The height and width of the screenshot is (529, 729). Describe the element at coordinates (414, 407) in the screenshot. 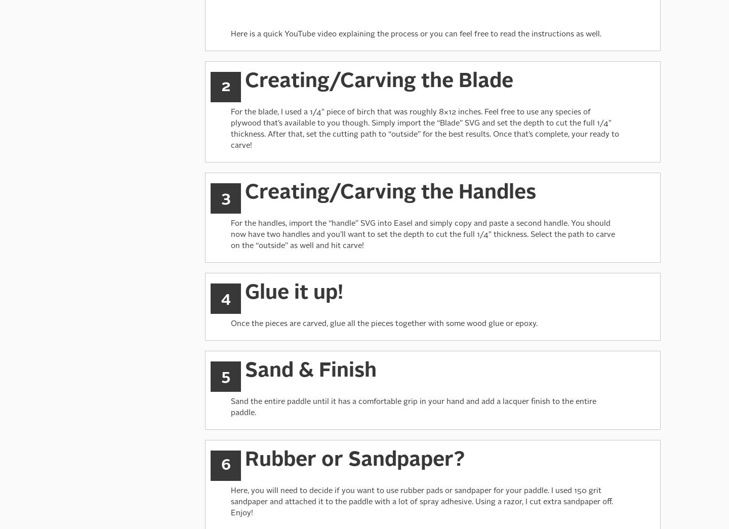

I see `'Sand the entire paddle until it has a comfortable grip in your hand and add a lacquer finish to the entire paddle.'` at that location.